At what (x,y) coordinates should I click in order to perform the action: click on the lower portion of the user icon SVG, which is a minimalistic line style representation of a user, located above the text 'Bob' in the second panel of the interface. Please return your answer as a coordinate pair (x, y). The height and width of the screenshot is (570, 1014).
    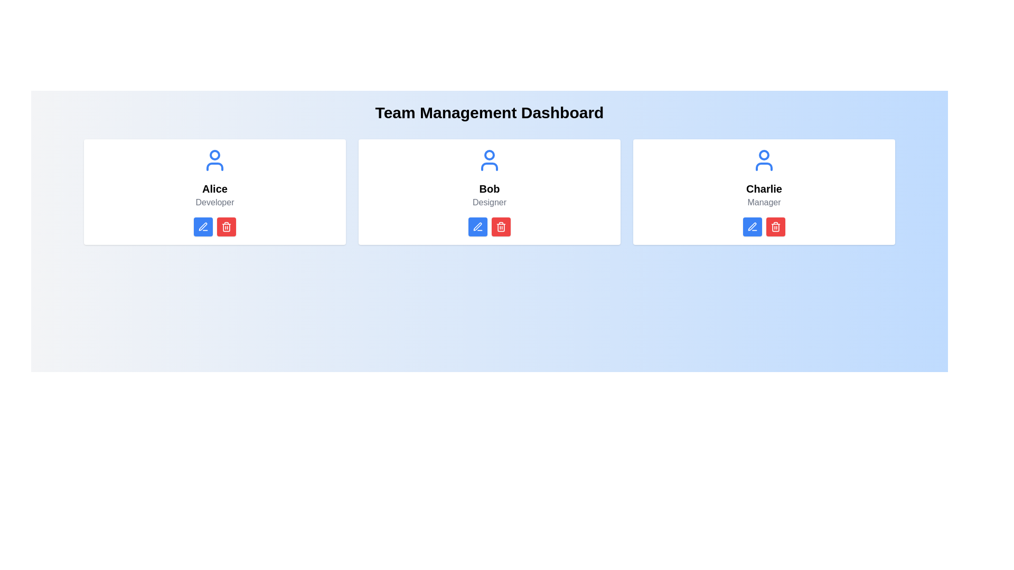
    Looking at the image, I should click on (489, 166).